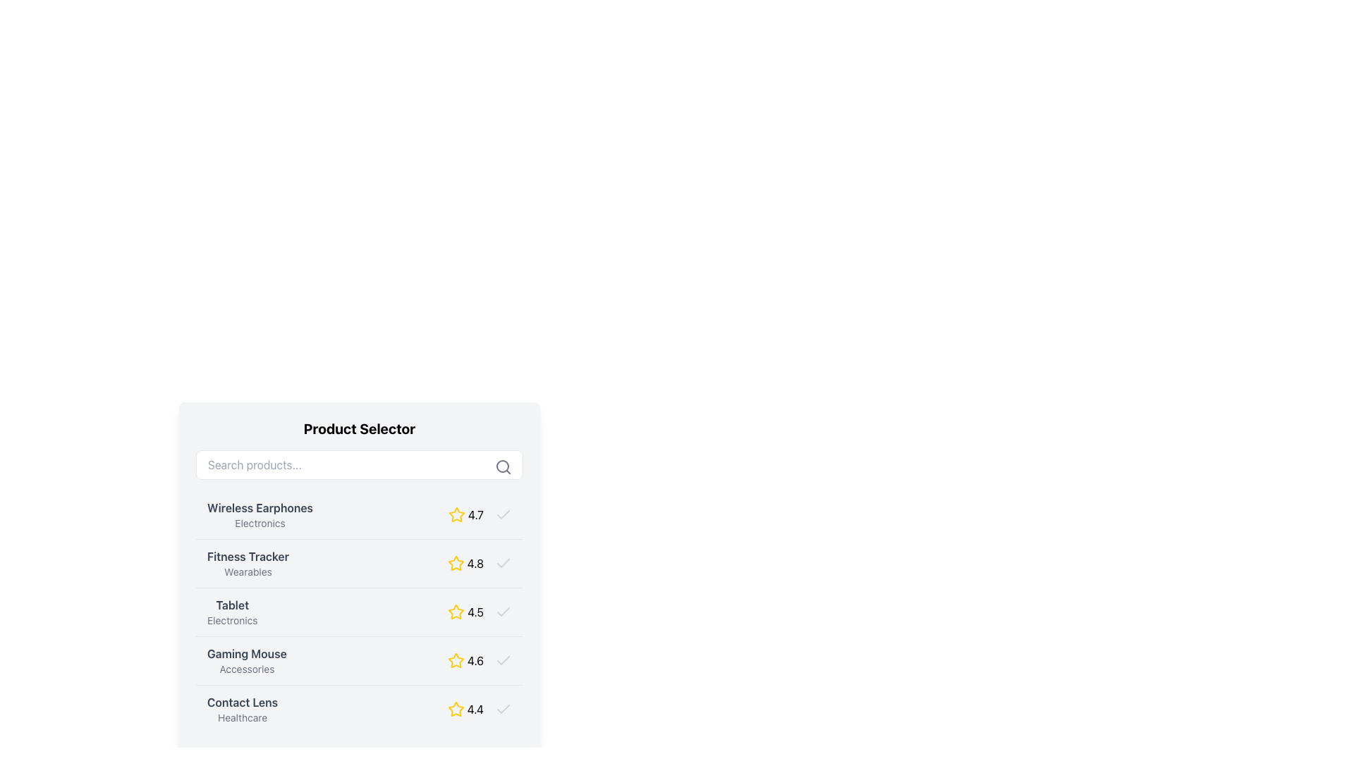 The image size is (1354, 761). Describe the element at coordinates (247, 654) in the screenshot. I see `text displayed in the text label for the product 'Gaming Mouse', which is the primary label of the fourth list item in the product selector interface` at that location.